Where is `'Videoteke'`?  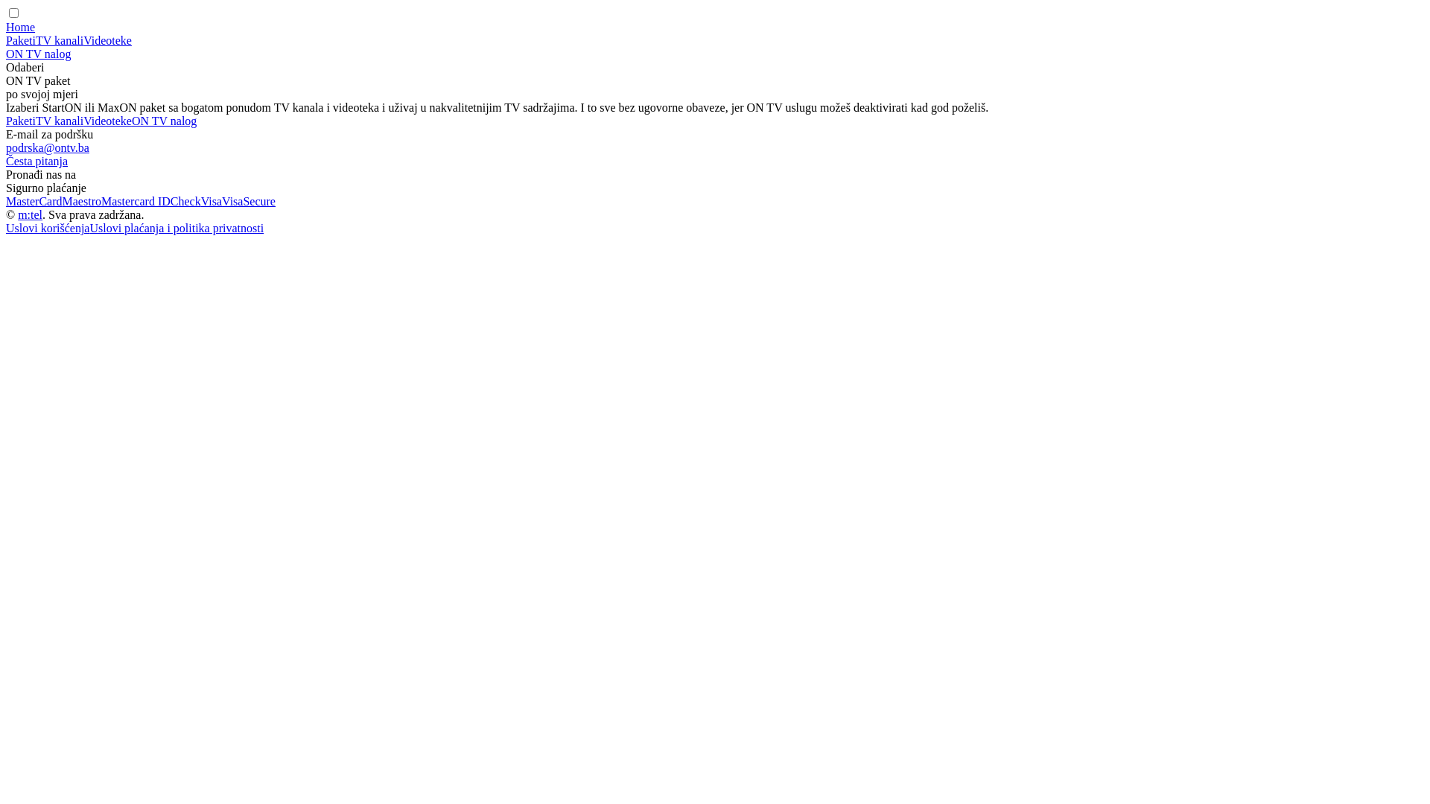 'Videoteke' is located at coordinates (107, 120).